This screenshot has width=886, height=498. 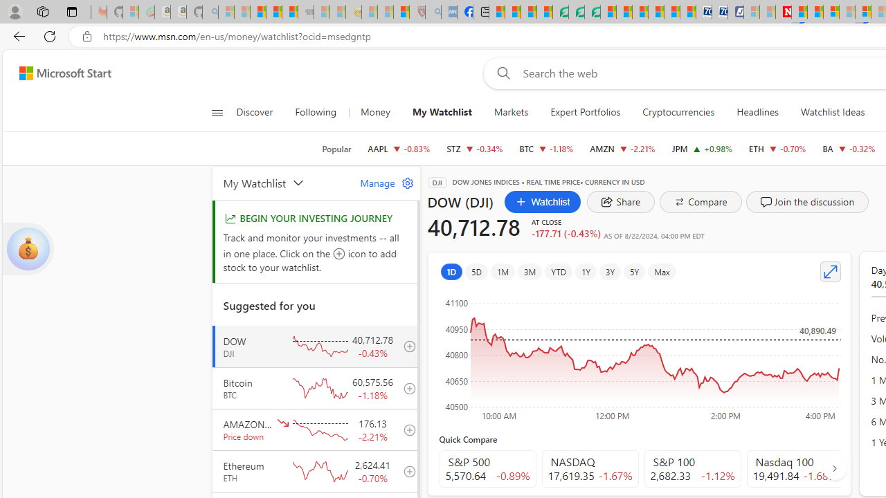 I want to click on 'Watchlist Ideas', so click(x=832, y=112).